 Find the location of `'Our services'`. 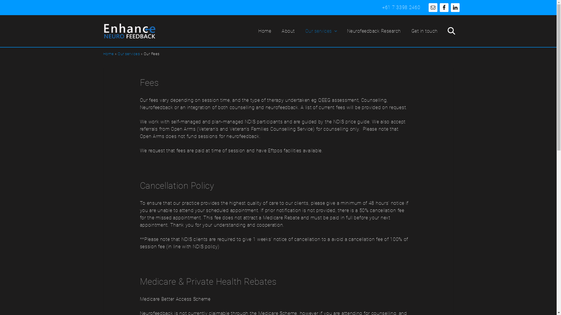

'Our services' is located at coordinates (128, 54).